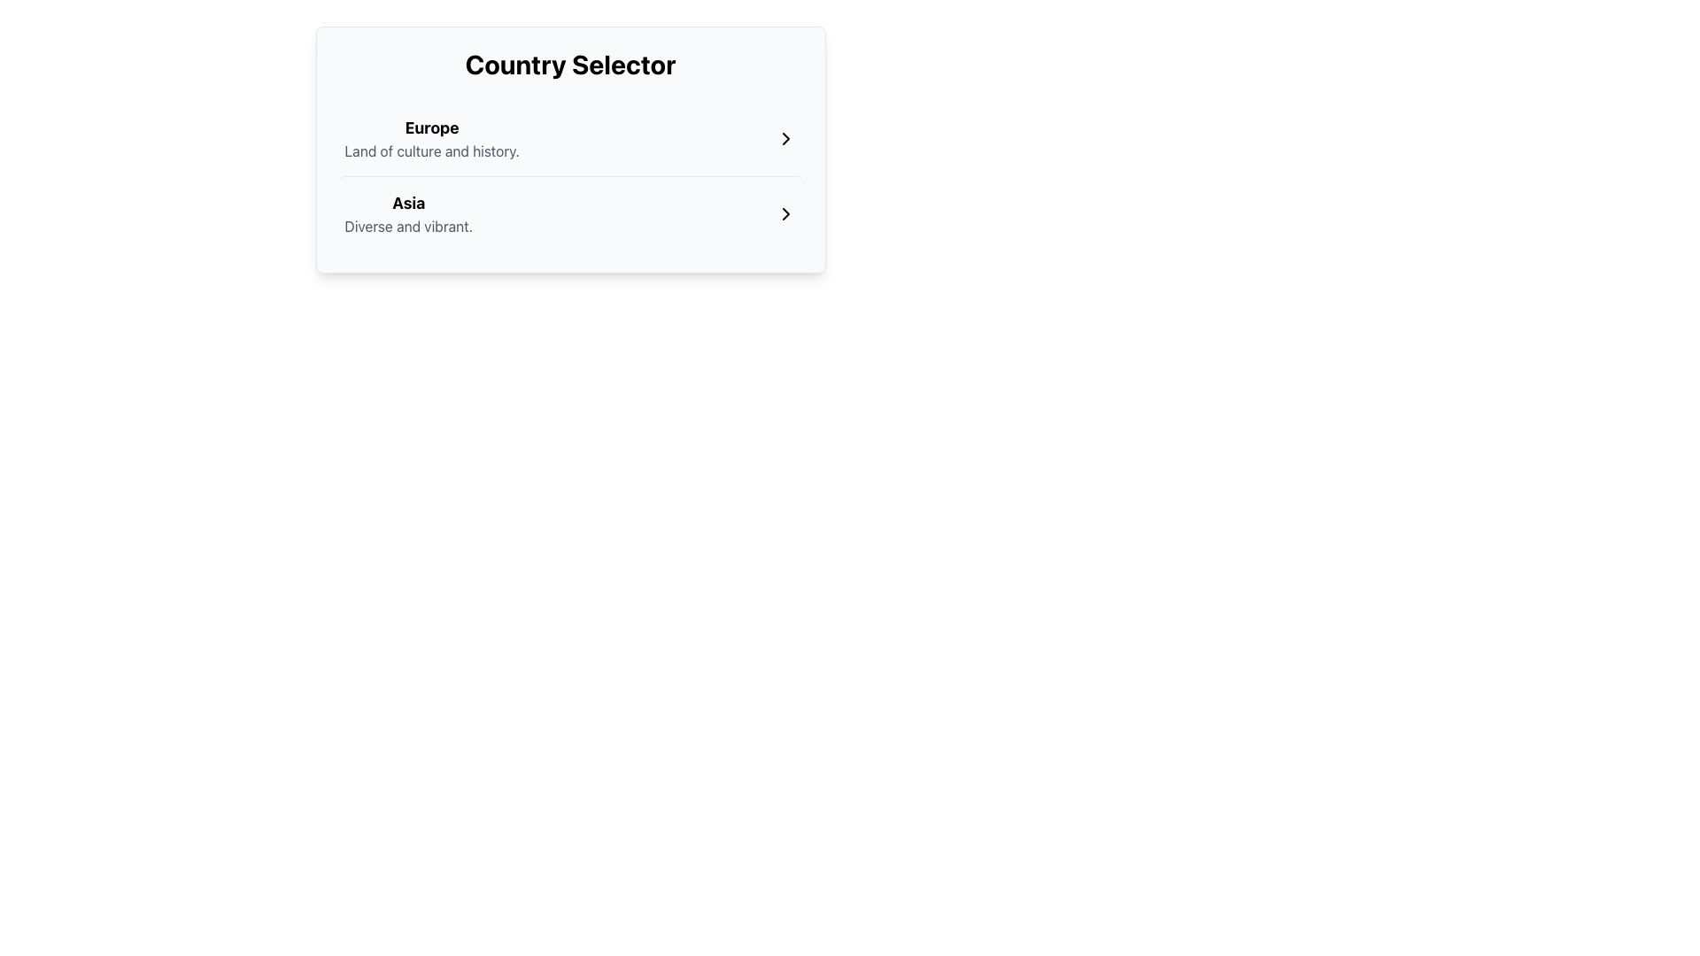 Image resolution: width=1700 pixels, height=956 pixels. I want to click on the bold 'Country Selector' header text, which is centrally aligned at the top of the card-like component displaying the list of countries, so click(570, 64).